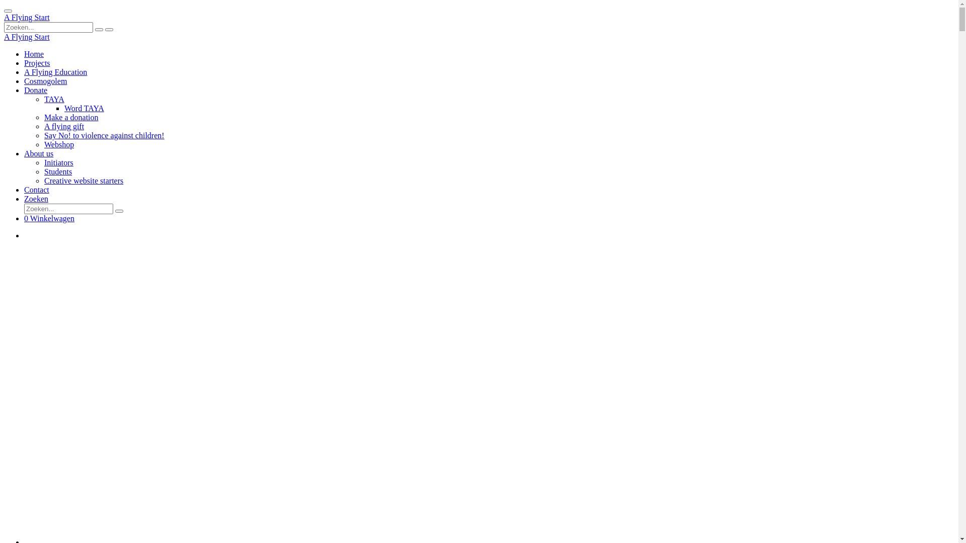  Describe the element at coordinates (53, 99) in the screenshot. I see `'TAYA'` at that location.